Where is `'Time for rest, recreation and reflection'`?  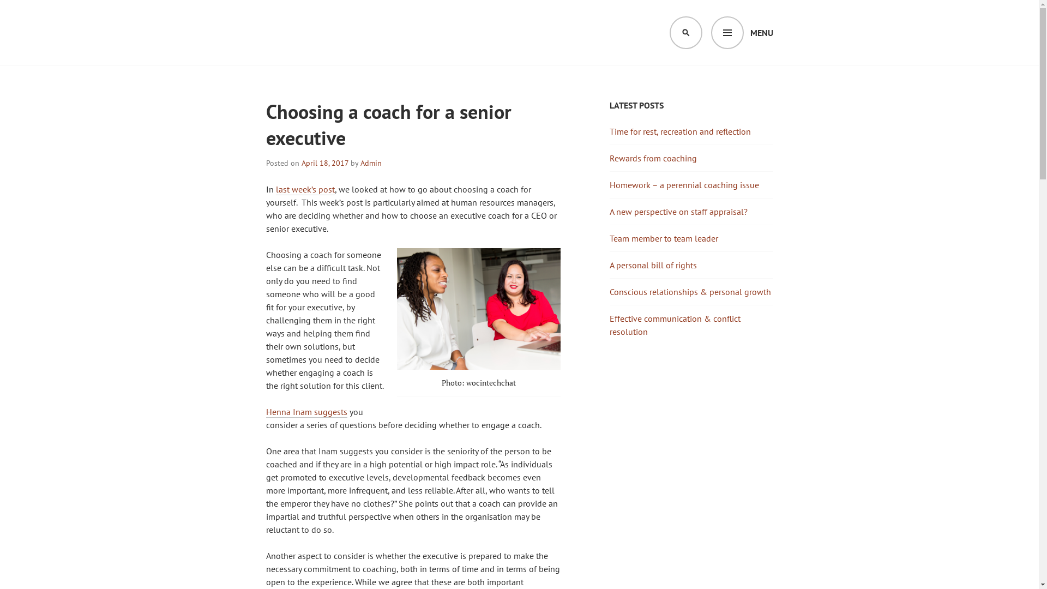
'Time for rest, recreation and reflection' is located at coordinates (679, 130).